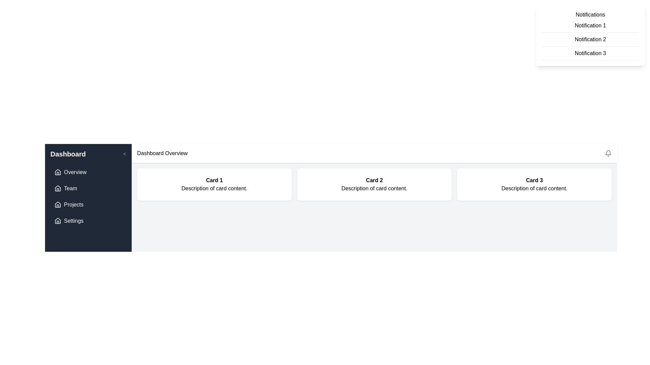 This screenshot has width=650, height=365. Describe the element at coordinates (534, 189) in the screenshot. I see `the supplementary description text label located beneath the title 'Card 3' within the card layout on the rightmost side of the displayed card section` at that location.